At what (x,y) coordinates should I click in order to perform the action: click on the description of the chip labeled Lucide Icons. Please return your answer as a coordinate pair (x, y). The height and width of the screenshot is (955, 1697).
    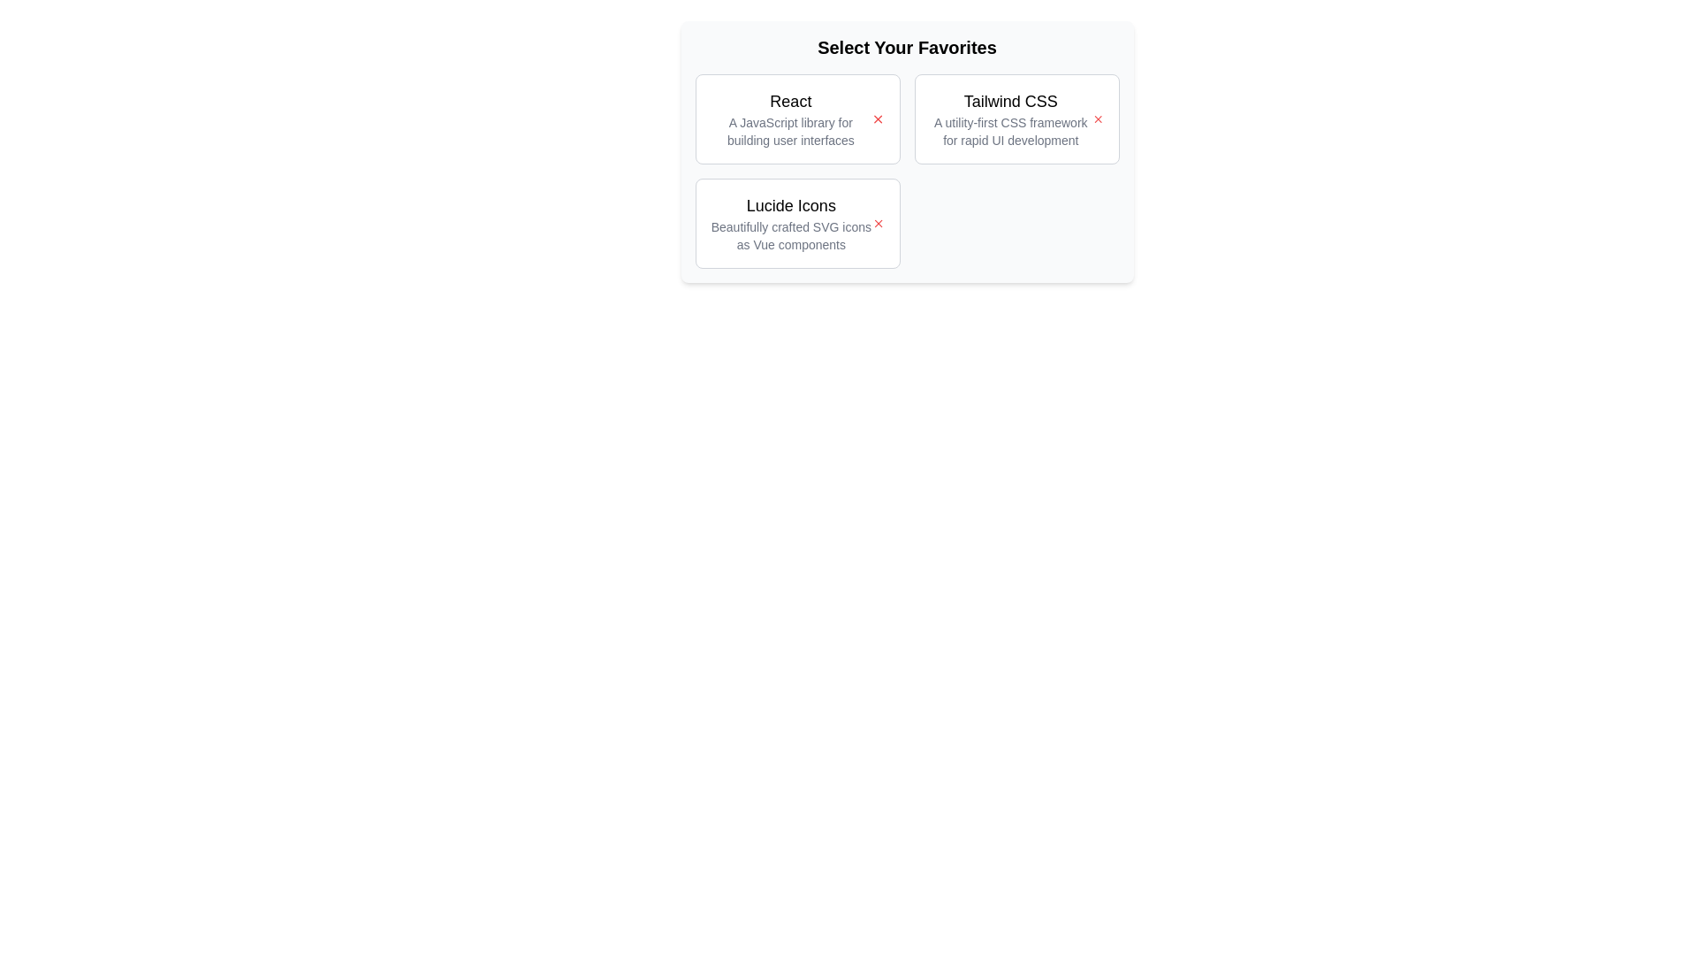
    Looking at the image, I should click on (790, 223).